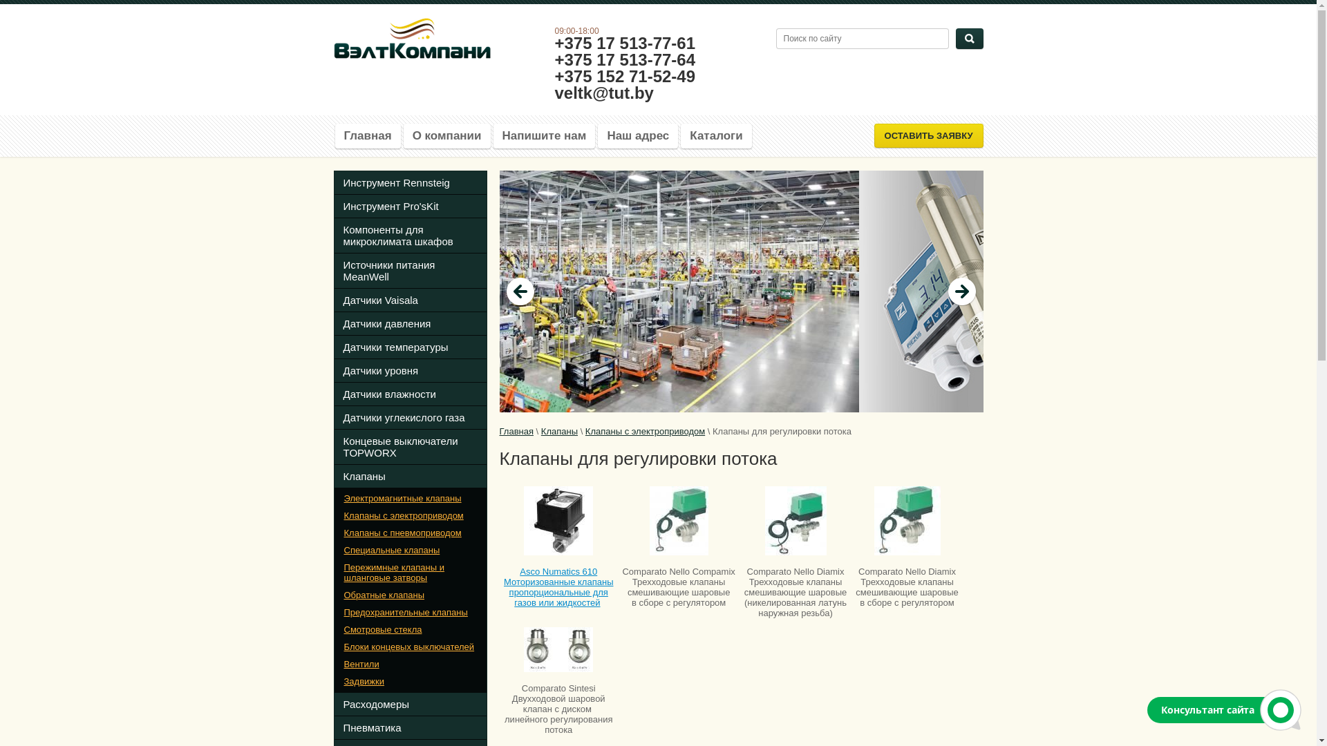 This screenshot has width=1327, height=746. Describe the element at coordinates (961, 290) in the screenshot. I see `'Next'` at that location.